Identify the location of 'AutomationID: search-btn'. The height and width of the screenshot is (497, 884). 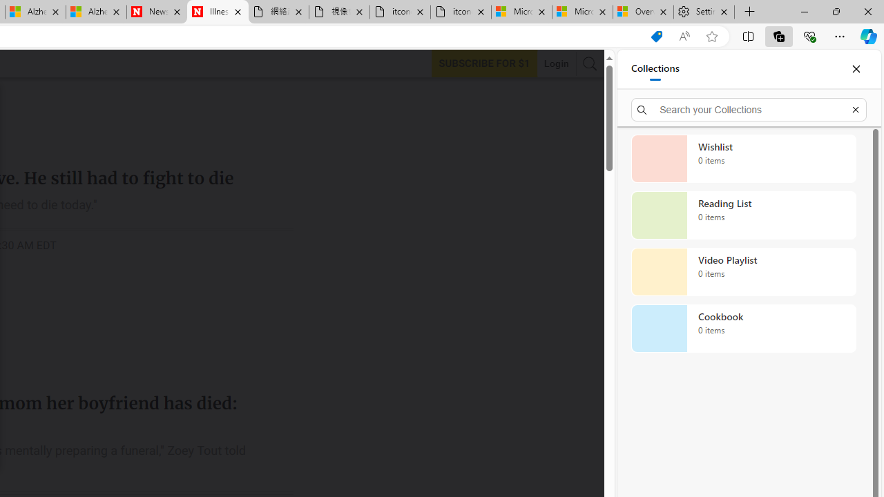
(590, 64).